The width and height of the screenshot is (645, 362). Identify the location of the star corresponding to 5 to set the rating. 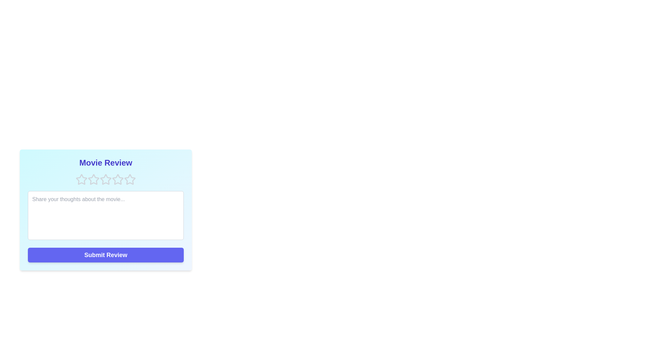
(130, 179).